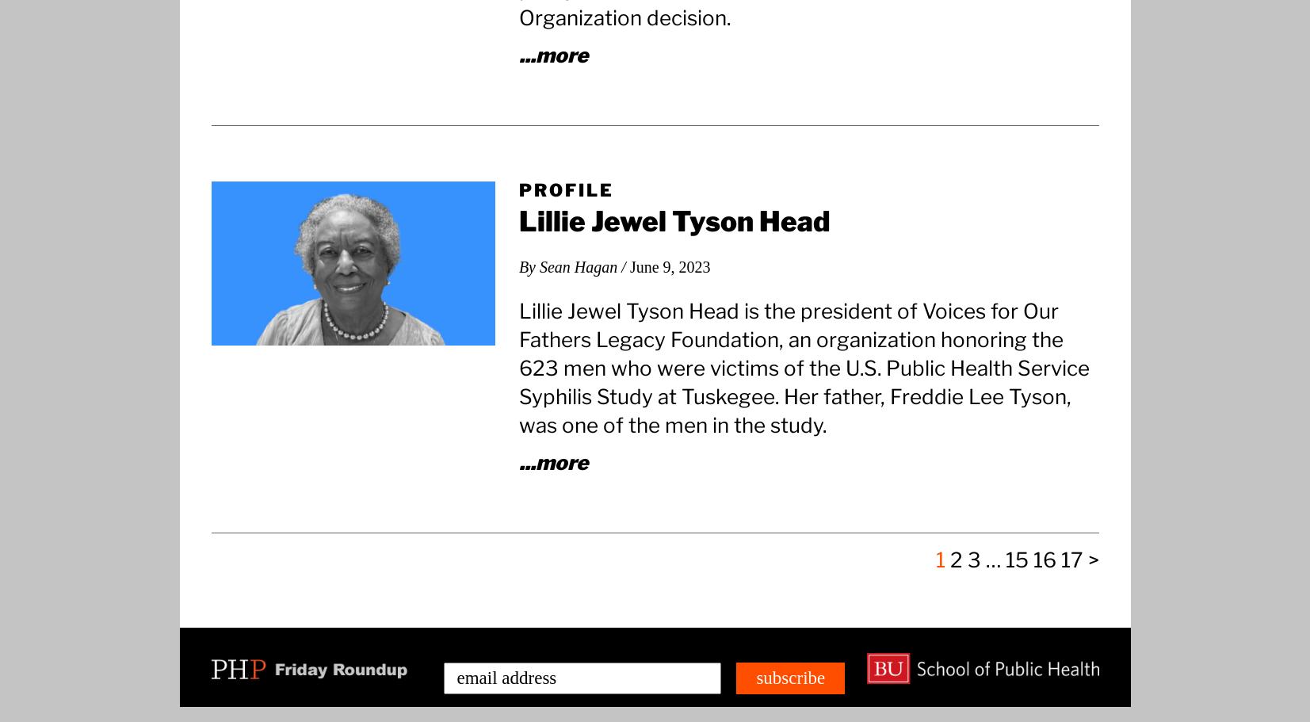  I want to click on '2', so click(956, 559).